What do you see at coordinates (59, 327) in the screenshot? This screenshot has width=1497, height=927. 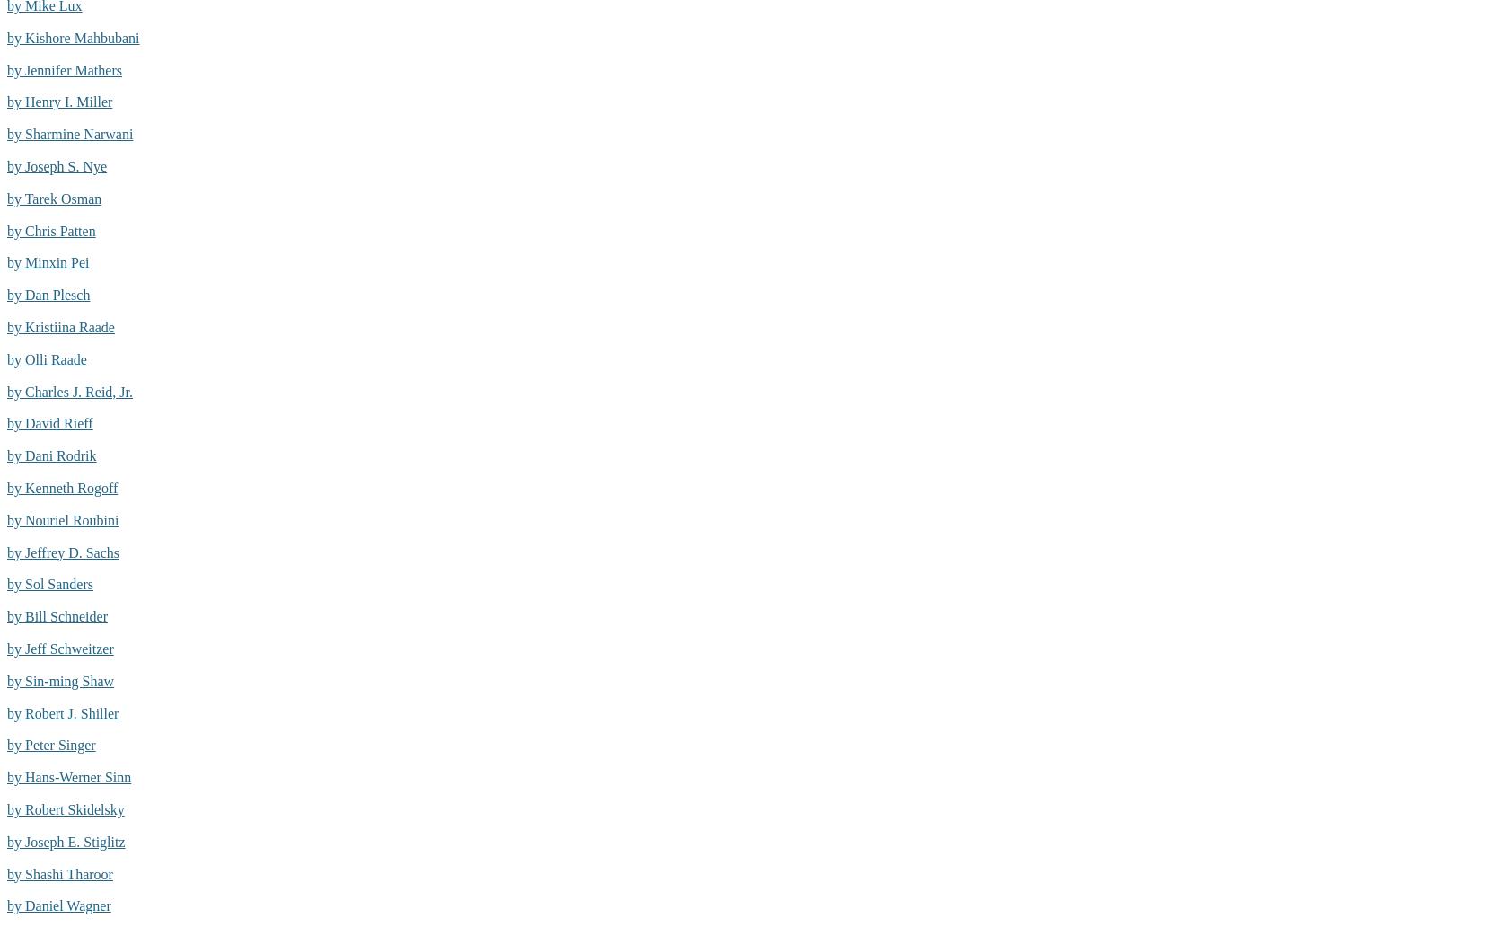 I see `'by Kristiina Raade'` at bounding box center [59, 327].